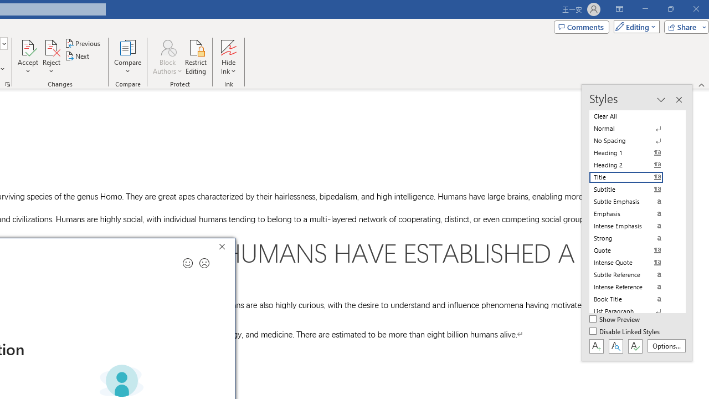  Describe the element at coordinates (188, 263) in the screenshot. I see `'Send a smile for feedback'` at that location.